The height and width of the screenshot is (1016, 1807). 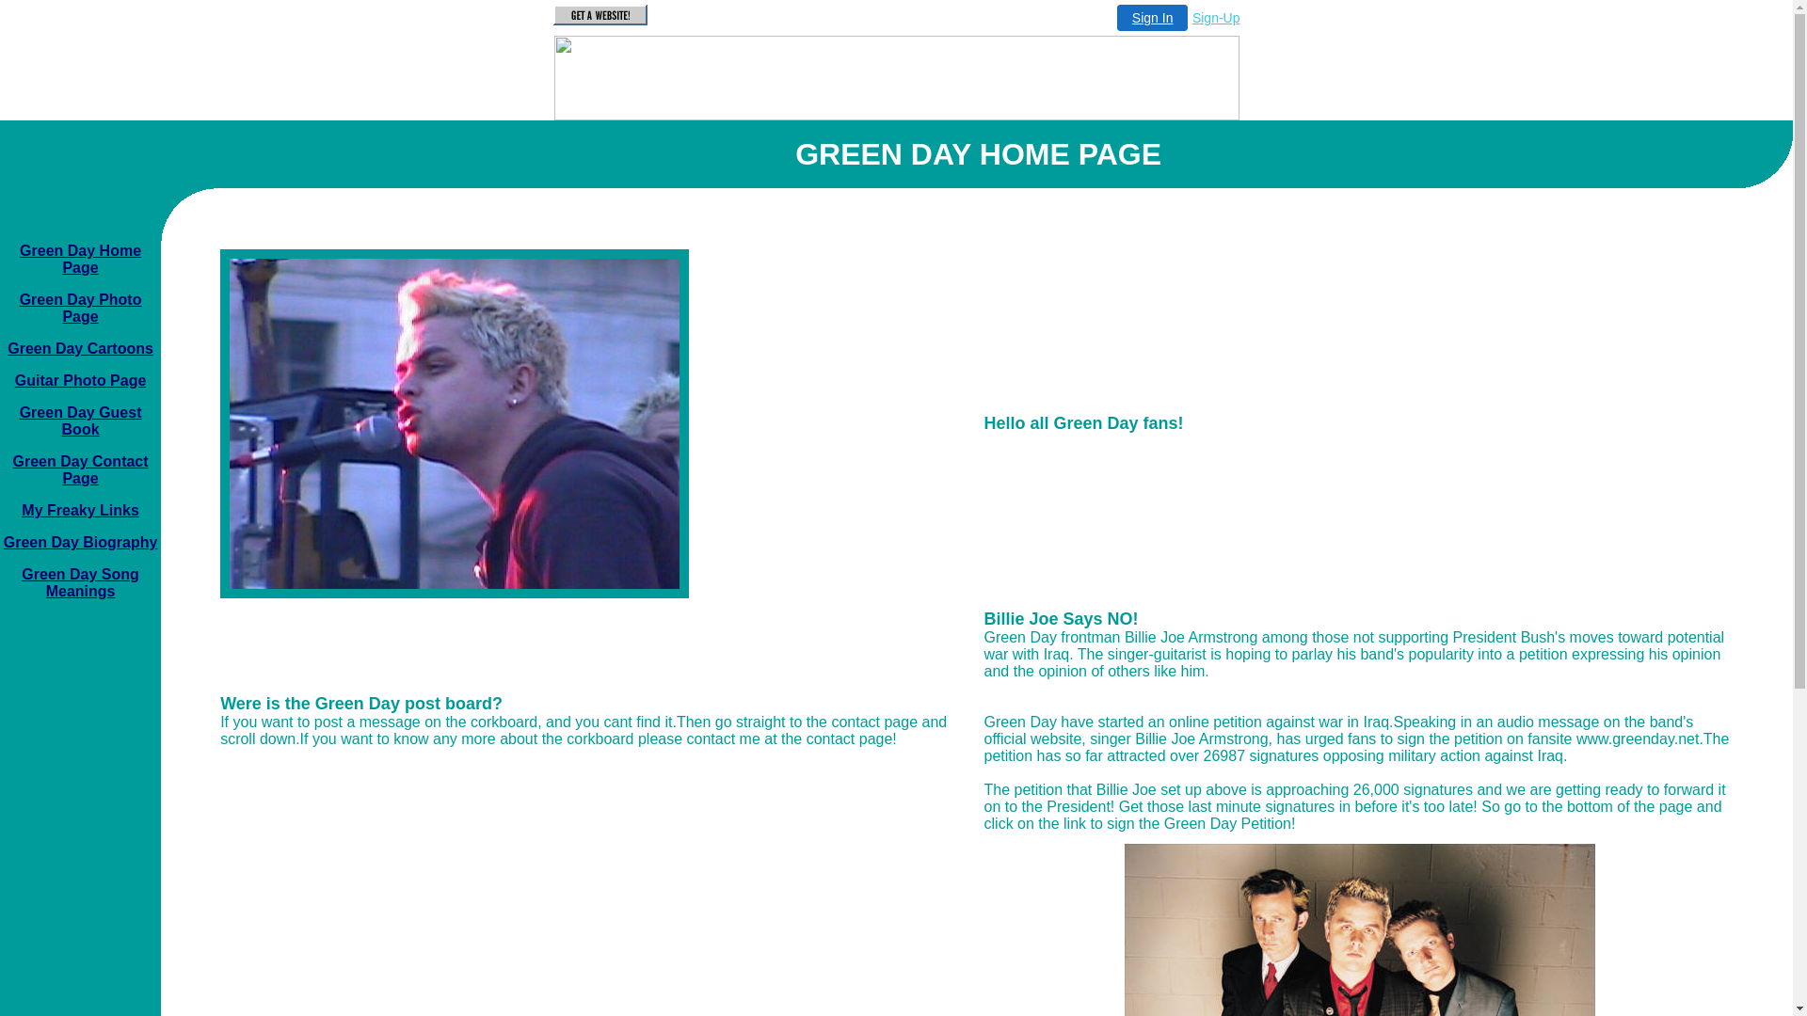 What do you see at coordinates (79, 581) in the screenshot?
I see `'Green Day Song Meanings'` at bounding box center [79, 581].